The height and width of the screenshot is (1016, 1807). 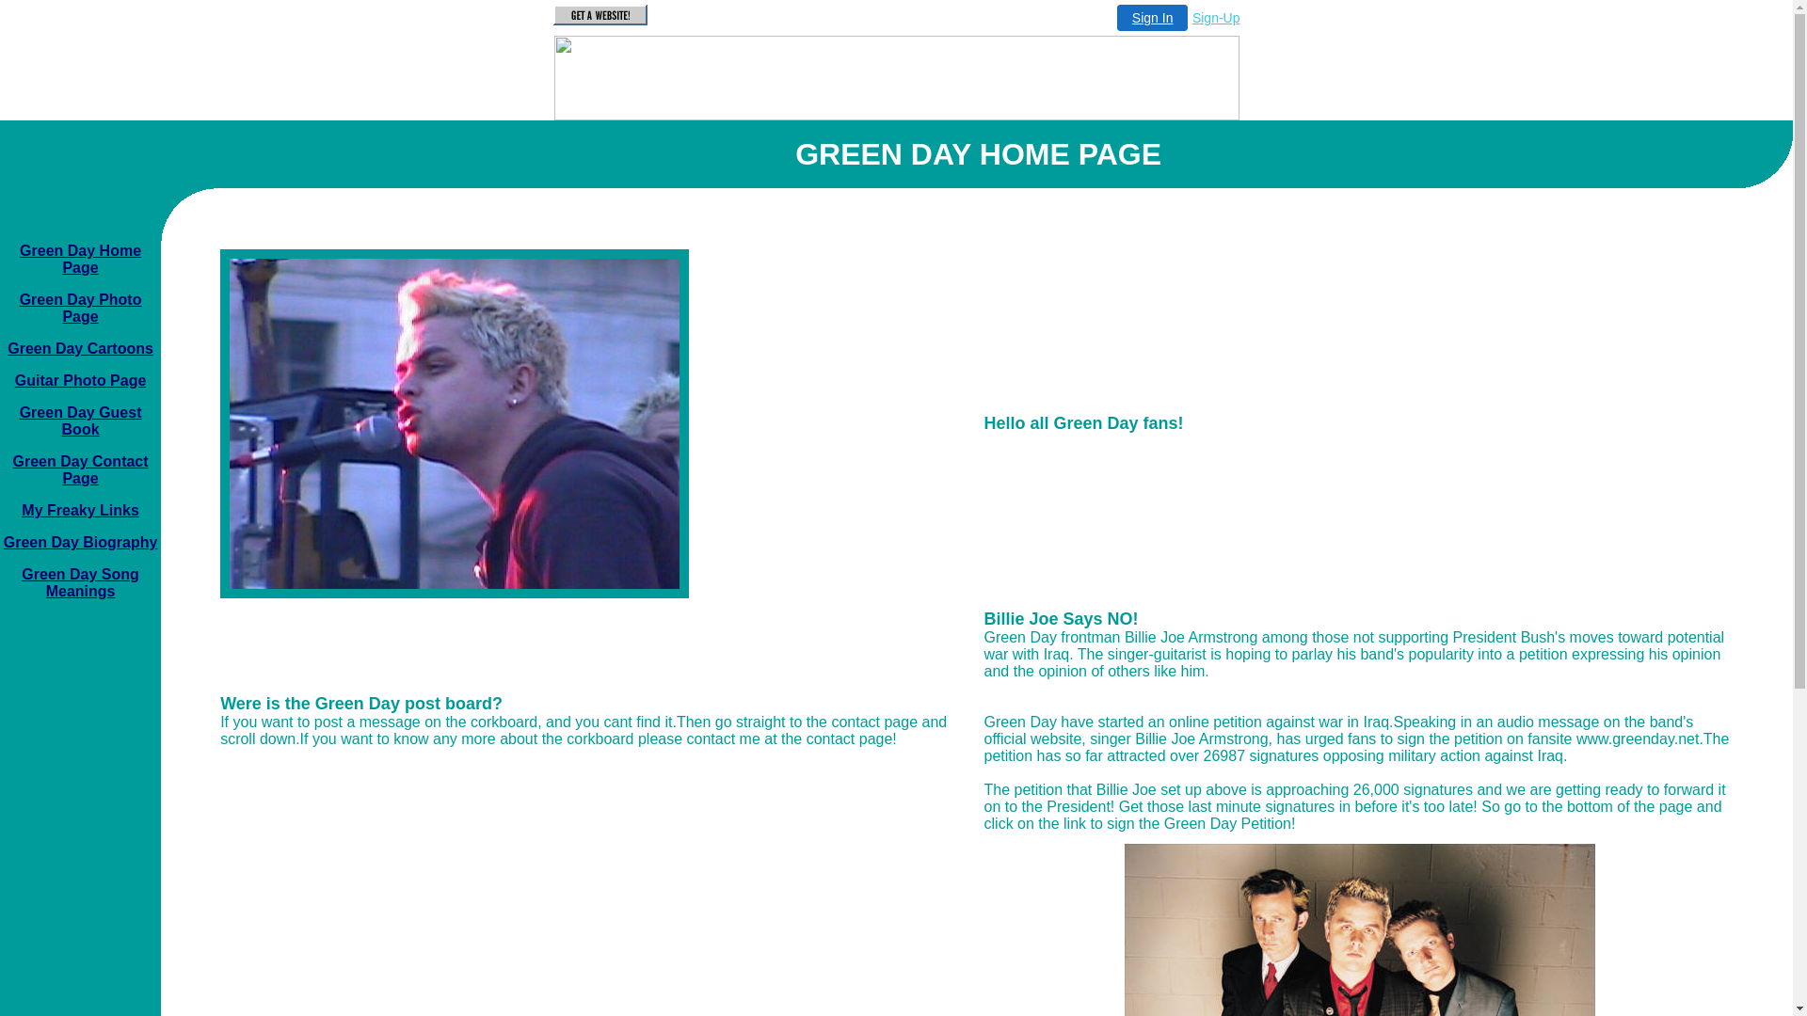 What do you see at coordinates (79, 581) in the screenshot?
I see `'Green Day Song Meanings'` at bounding box center [79, 581].